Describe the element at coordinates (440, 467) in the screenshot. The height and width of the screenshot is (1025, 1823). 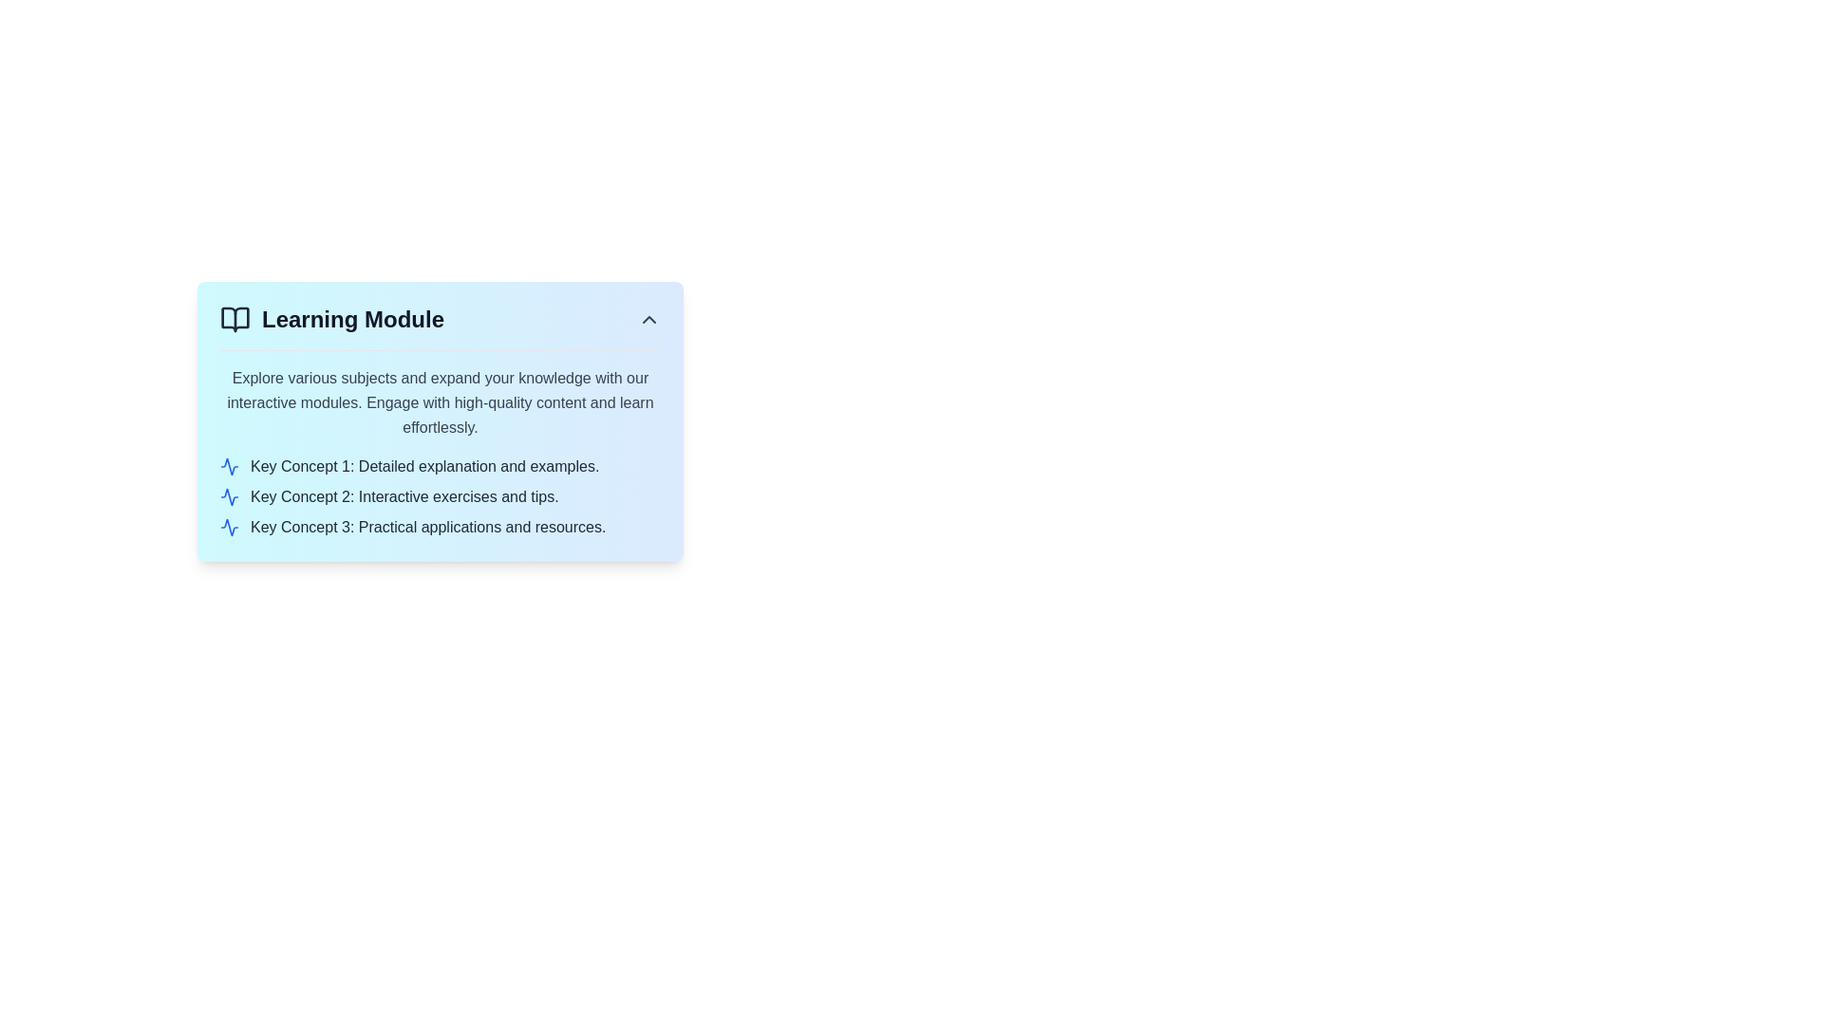
I see `the informational text labeled 'Key Concept 1: Detailed explanation and examples.' which is the first item in the 'Learning Module' section` at that location.